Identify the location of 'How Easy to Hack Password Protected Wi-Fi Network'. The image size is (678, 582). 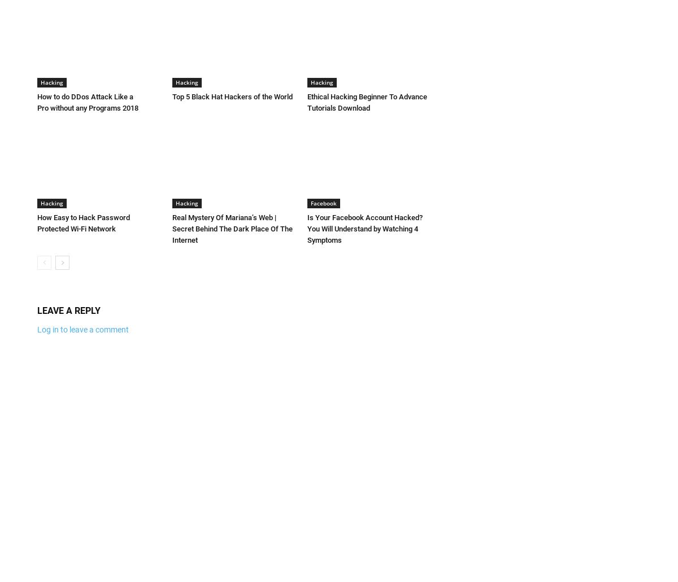
(83, 222).